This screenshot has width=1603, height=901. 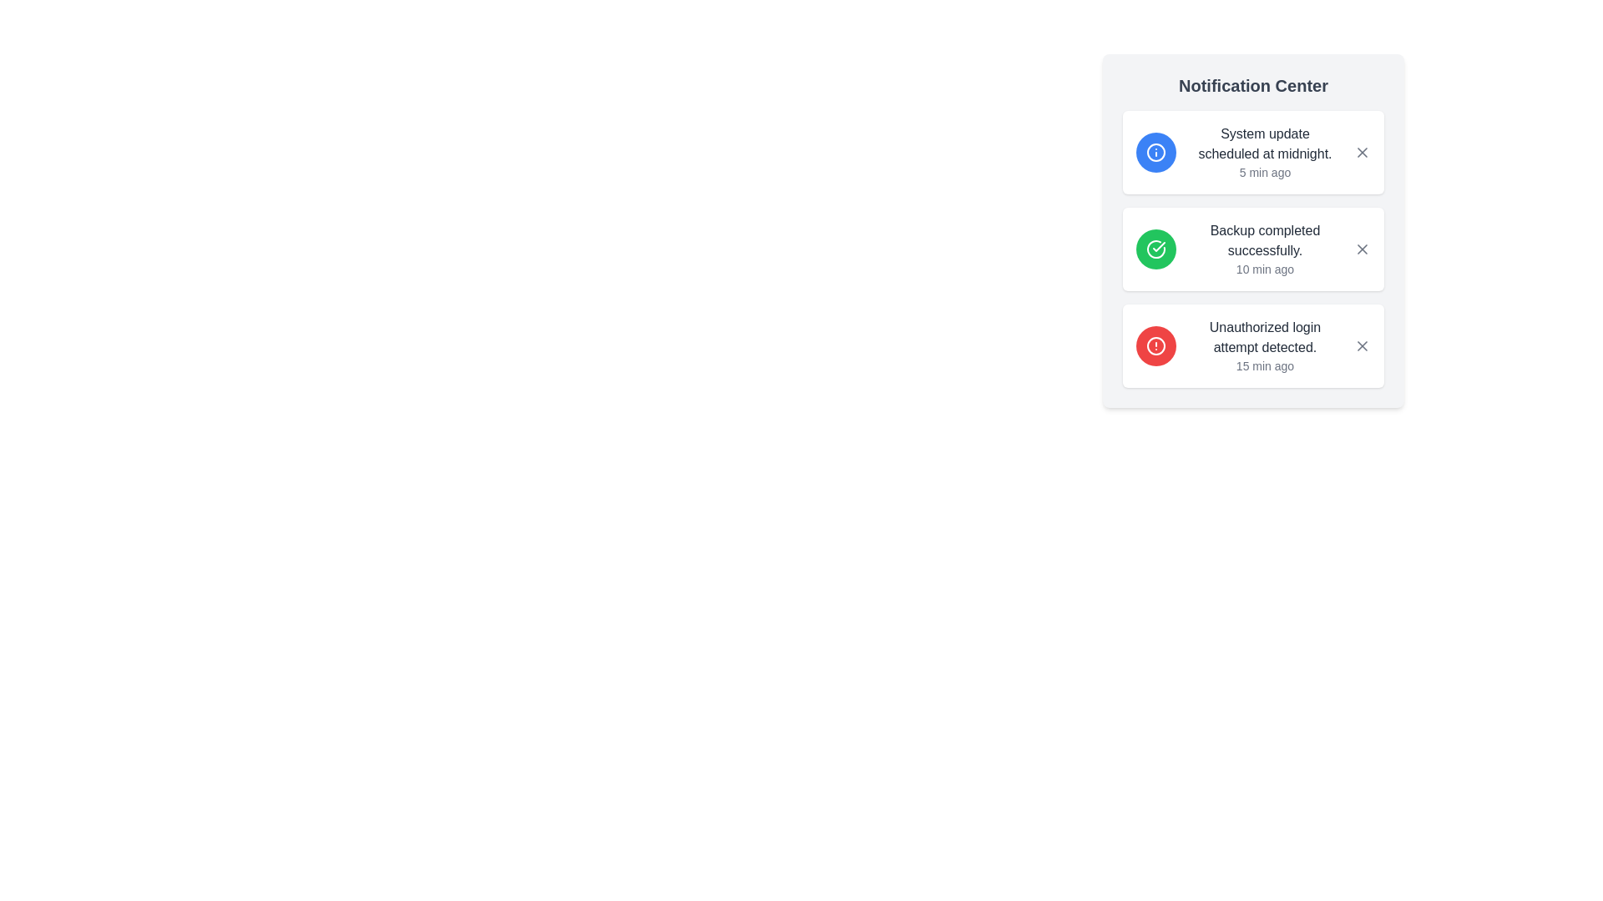 What do you see at coordinates (1155, 345) in the screenshot?
I see `the alert or error icon located in the third notification card of the 'Notification Center'` at bounding box center [1155, 345].